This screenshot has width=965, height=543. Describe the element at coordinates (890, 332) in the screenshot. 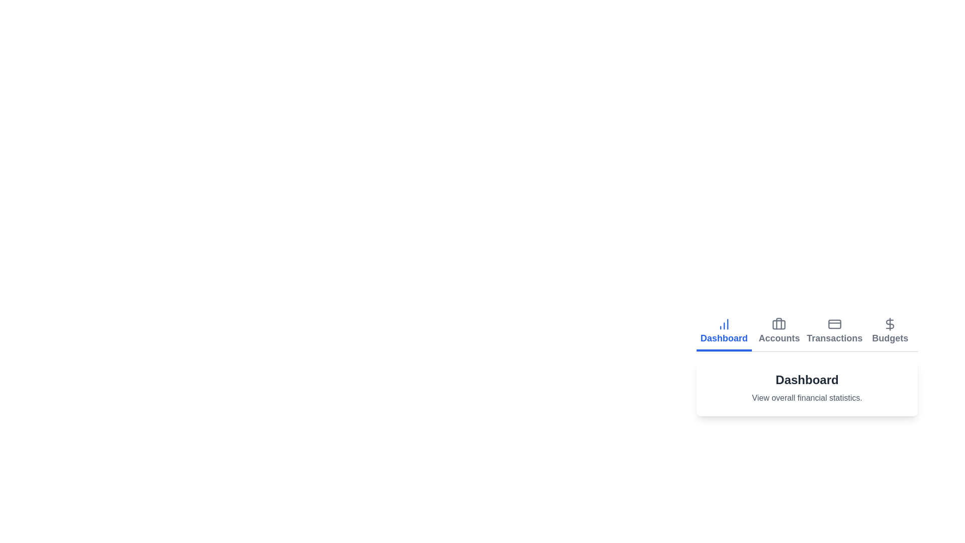

I see `the Budgets tab` at that location.